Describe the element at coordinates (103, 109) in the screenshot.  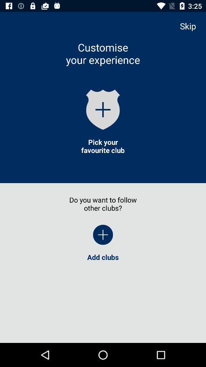
I see `icon above pick your favourite icon` at that location.